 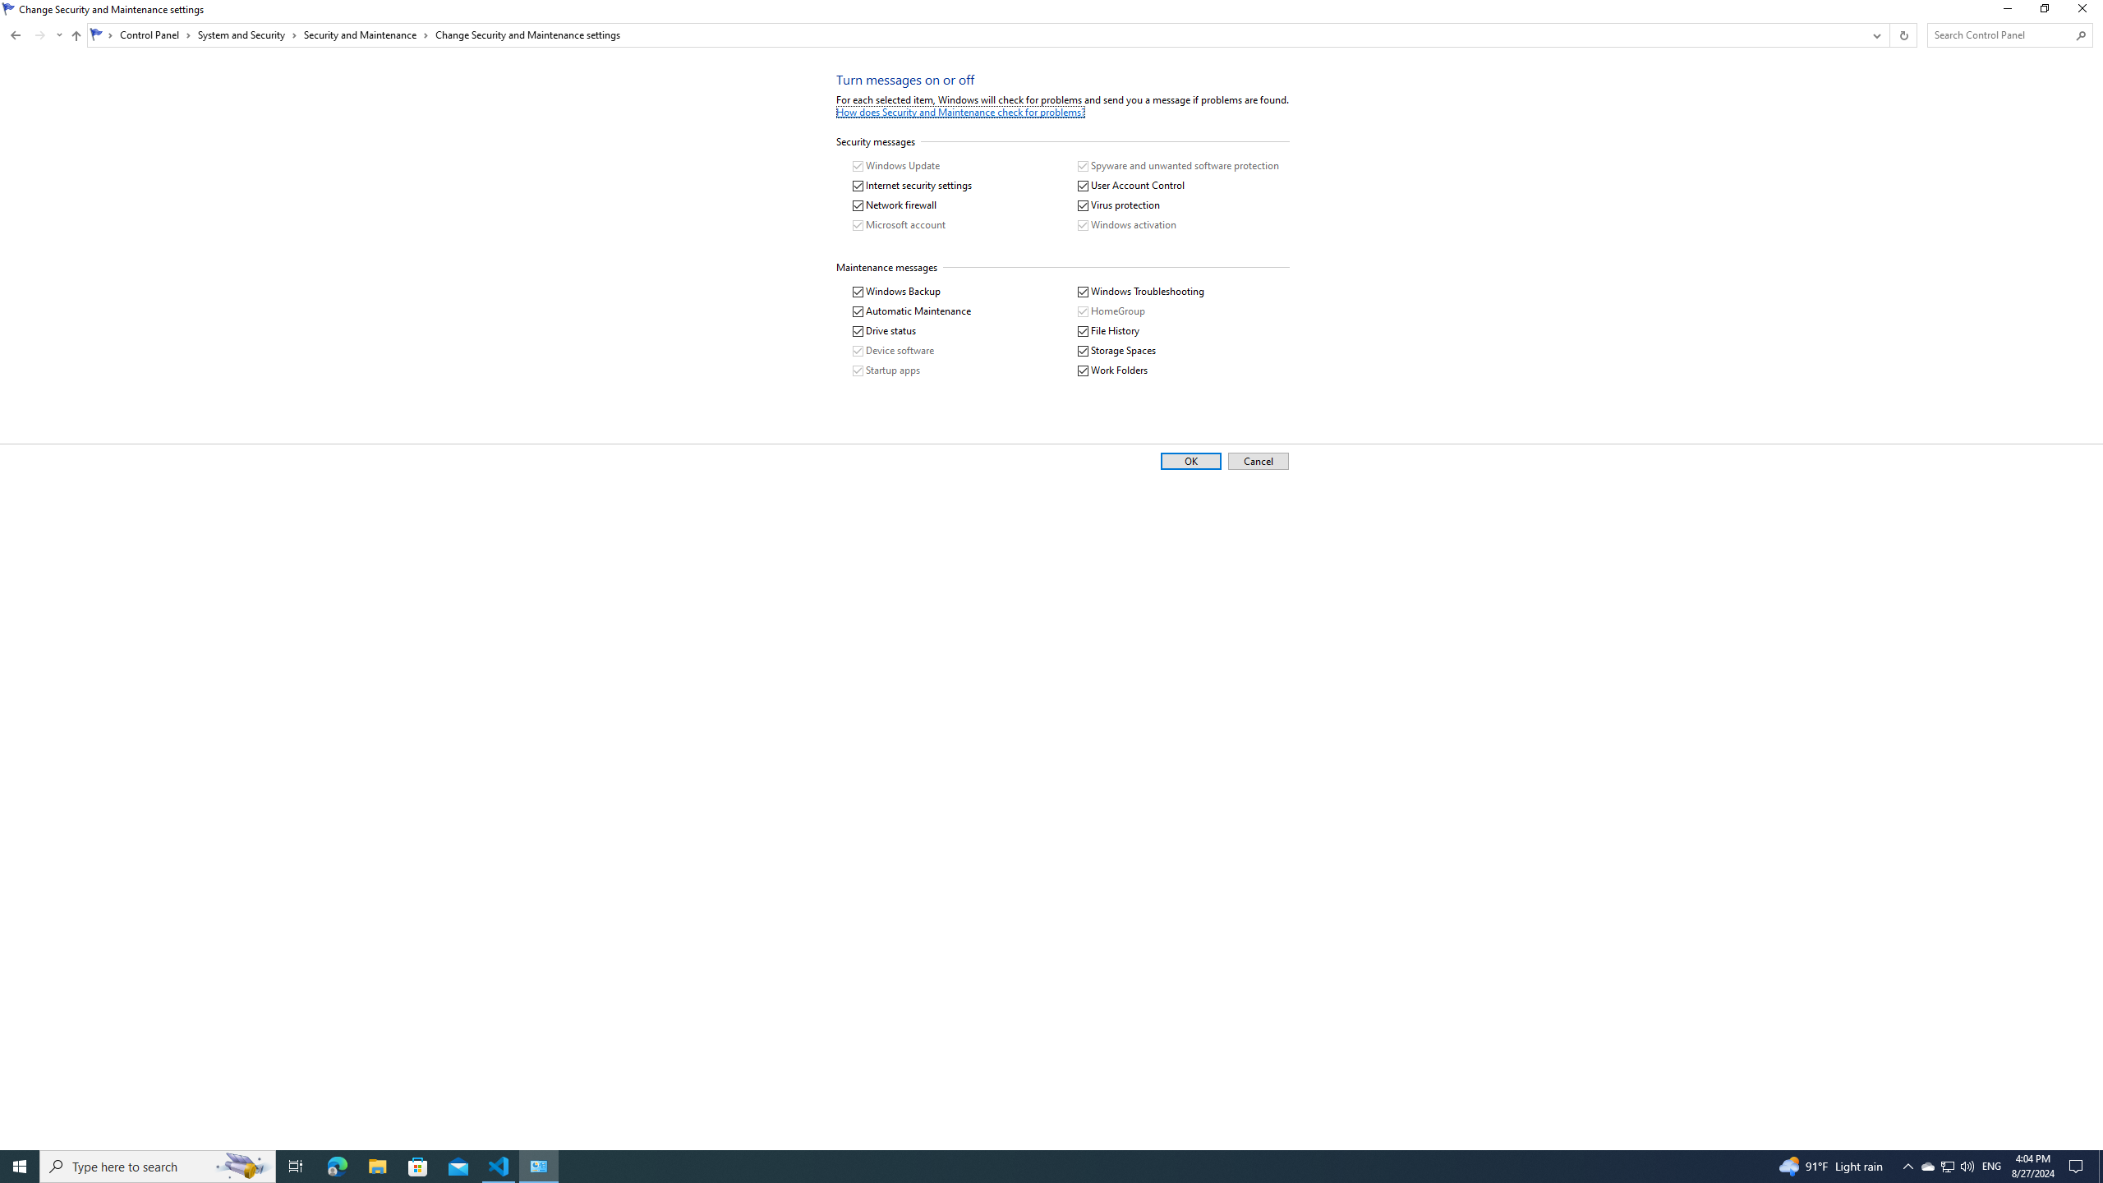 What do you see at coordinates (2086, 12) in the screenshot?
I see `'Close'` at bounding box center [2086, 12].